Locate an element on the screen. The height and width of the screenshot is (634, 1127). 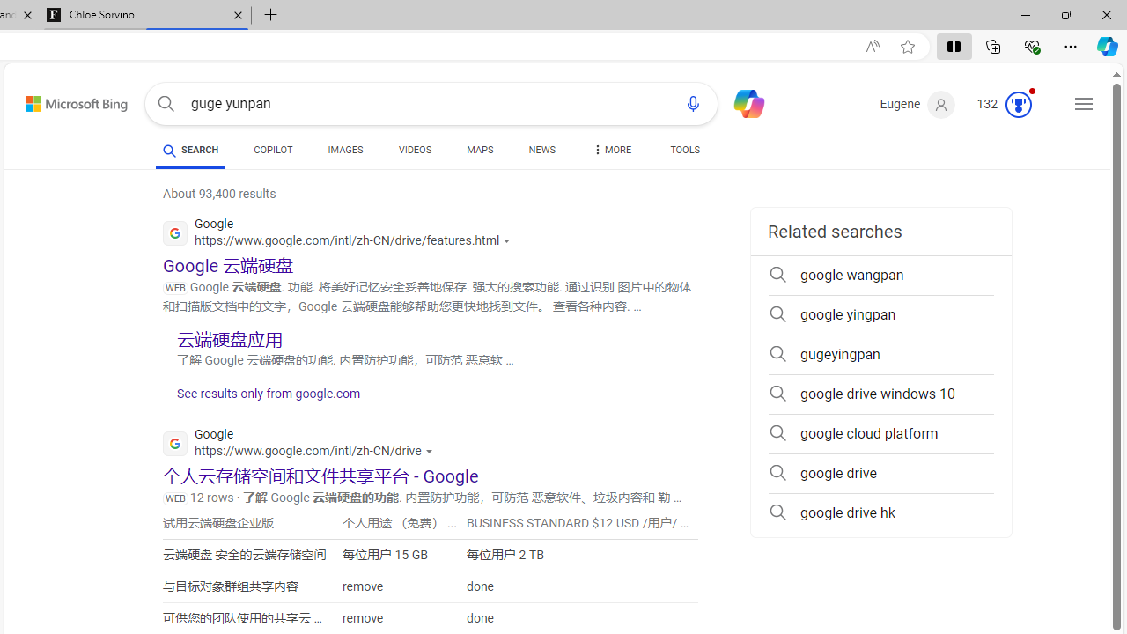
'Search using voice' is located at coordinates (692, 104).